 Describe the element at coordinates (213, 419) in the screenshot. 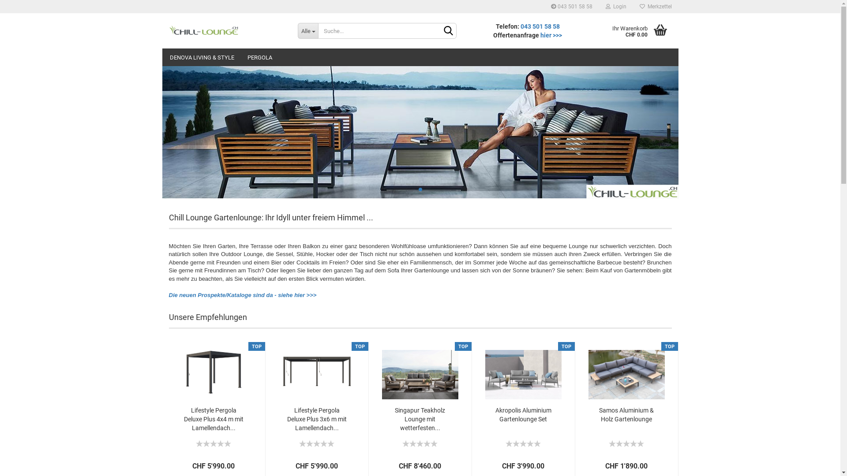

I see `'Lifestyle Pergola Deluxe Plus 4x4 m mit Lamellendach...'` at that location.